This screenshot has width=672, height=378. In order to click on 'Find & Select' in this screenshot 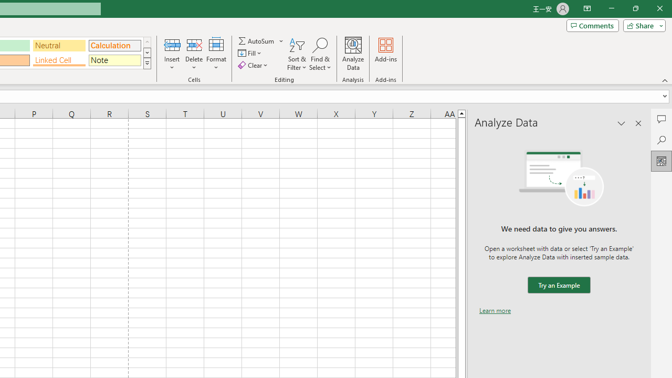, I will do `click(320, 54)`.